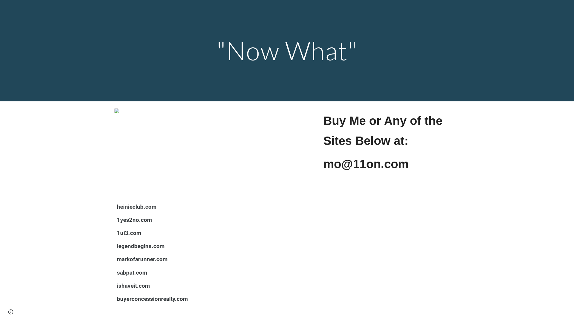 The image size is (574, 322). I want to click on 'heinieclub.com', so click(117, 207).